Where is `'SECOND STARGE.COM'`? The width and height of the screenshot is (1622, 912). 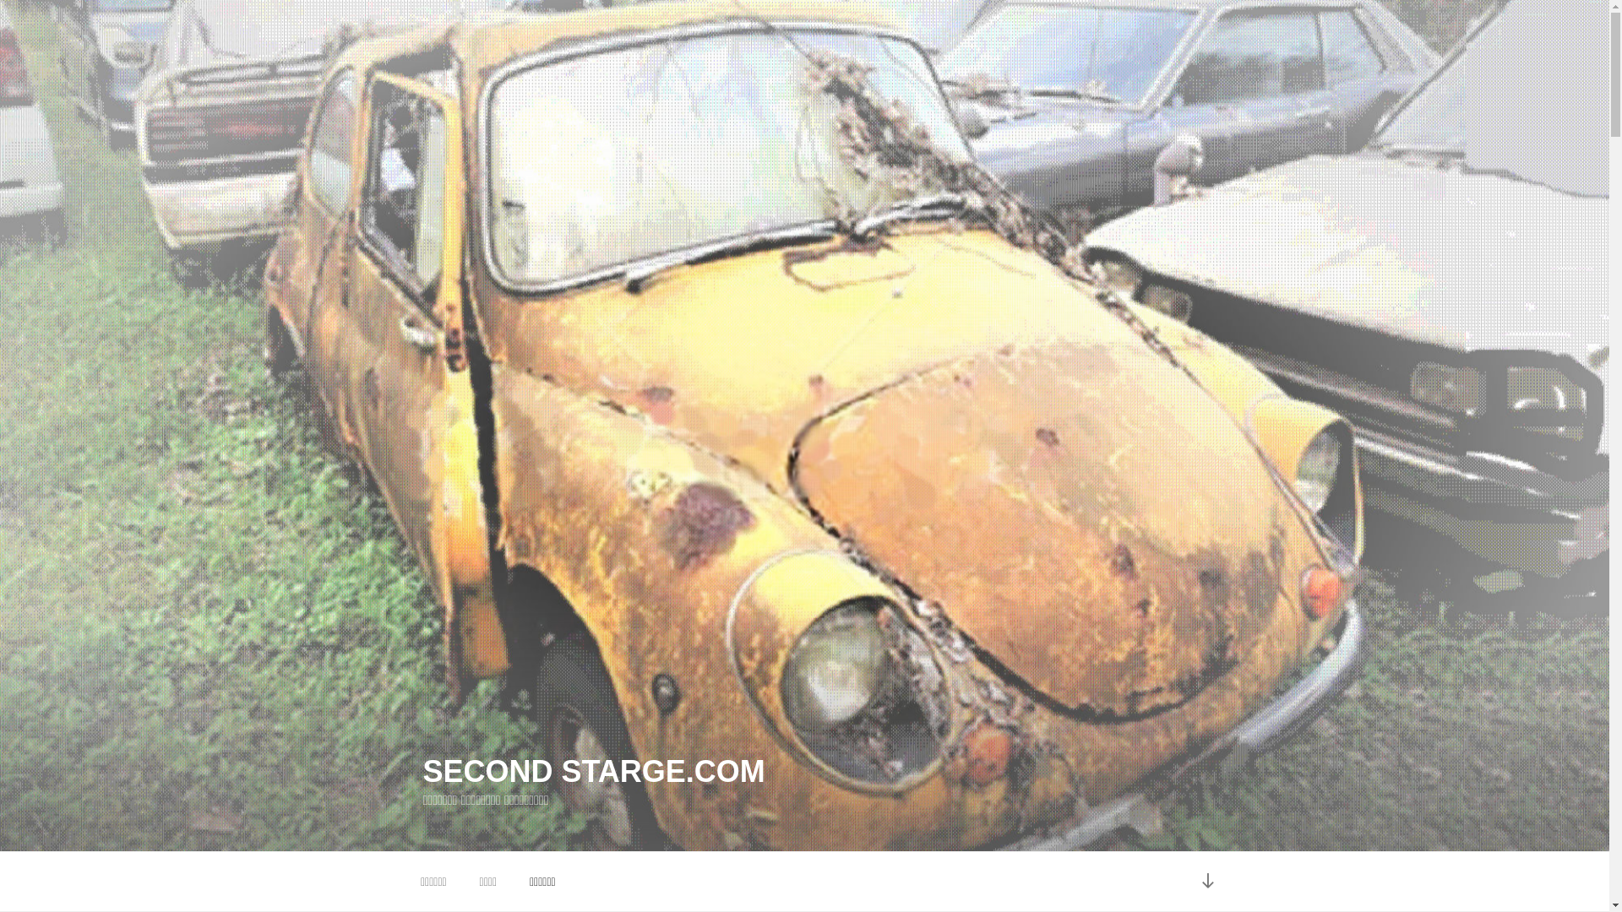
'SECOND STARGE.COM' is located at coordinates (593, 771).